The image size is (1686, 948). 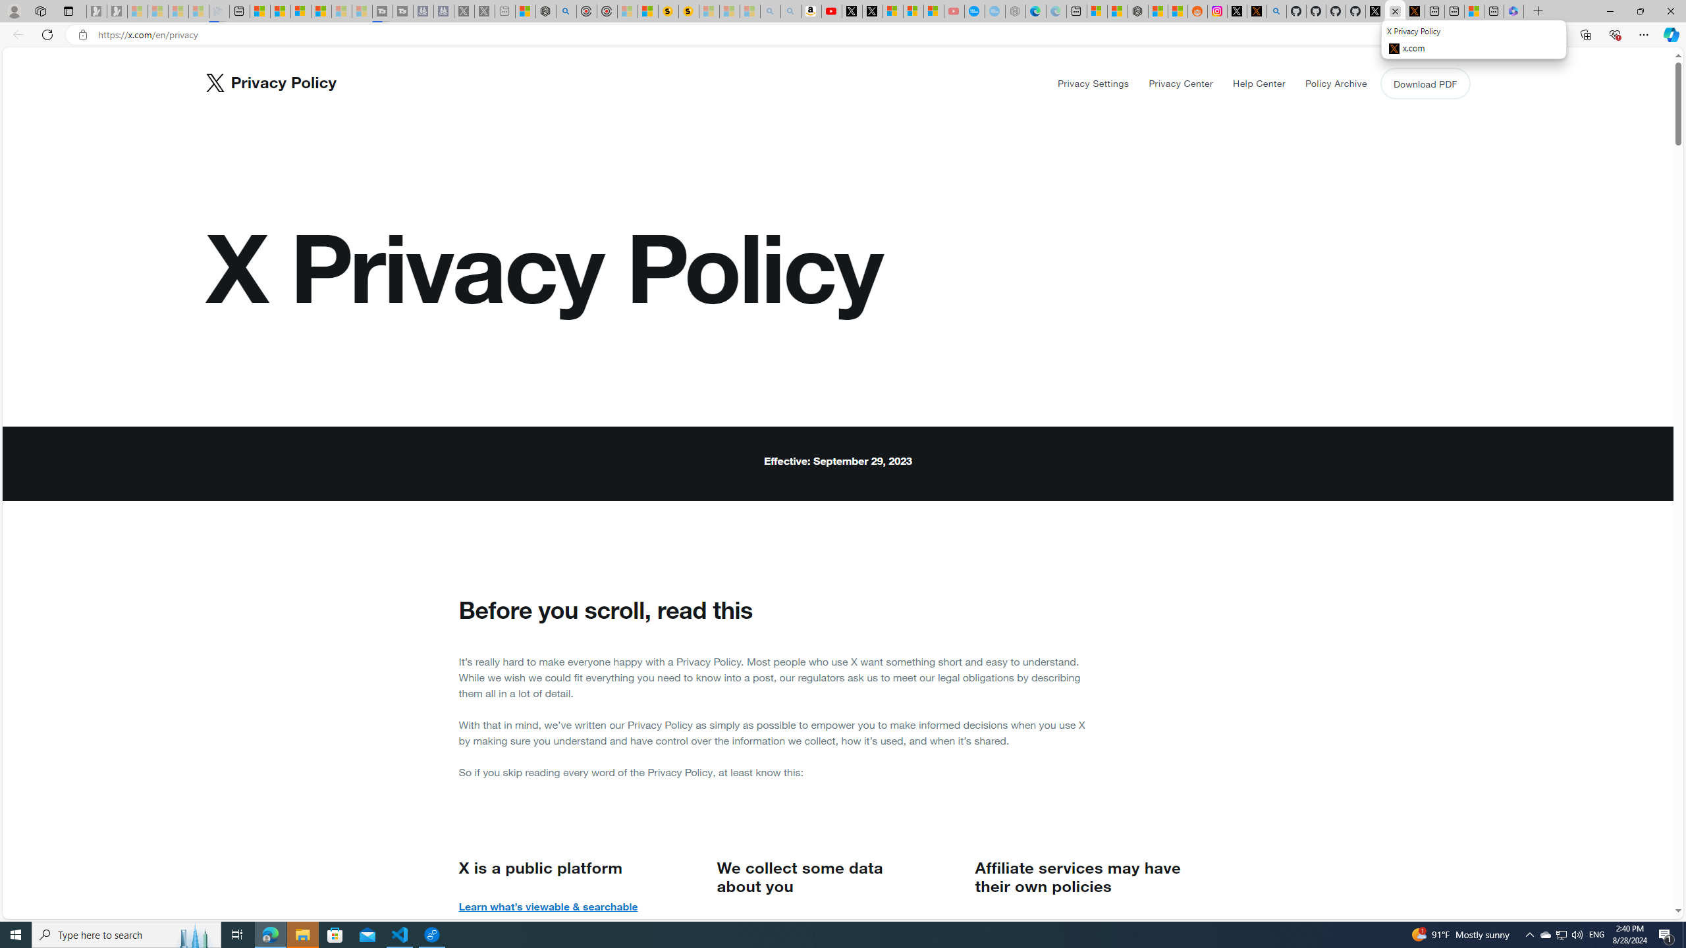 What do you see at coordinates (1495, 35) in the screenshot?
I see `'Enter Immersive Reader (F9)'` at bounding box center [1495, 35].